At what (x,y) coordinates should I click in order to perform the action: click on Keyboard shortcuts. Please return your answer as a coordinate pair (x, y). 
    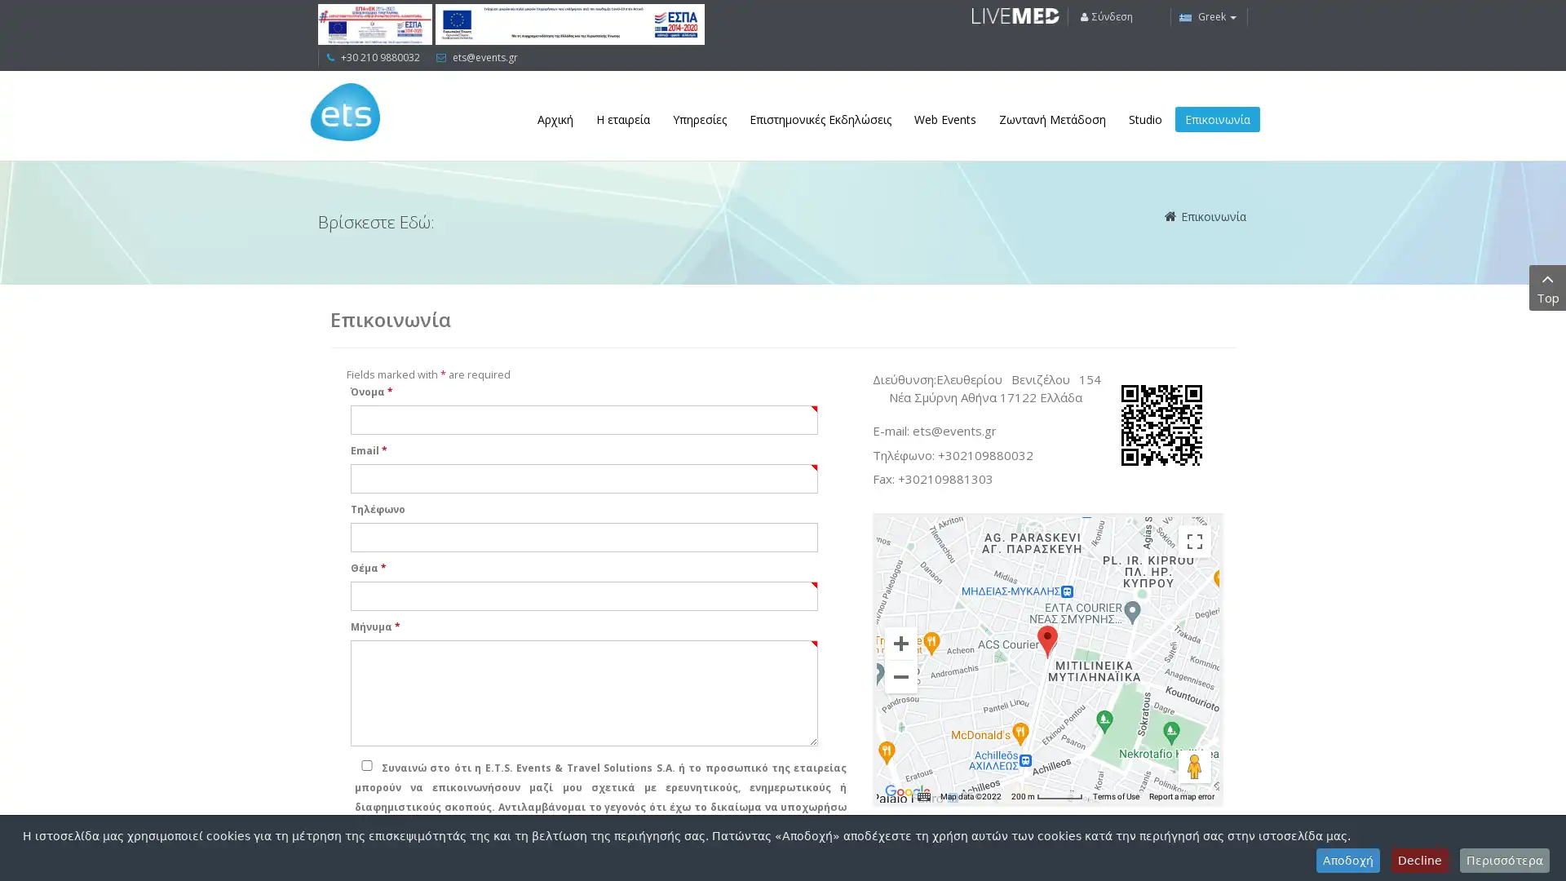
    Looking at the image, I should click on (923, 795).